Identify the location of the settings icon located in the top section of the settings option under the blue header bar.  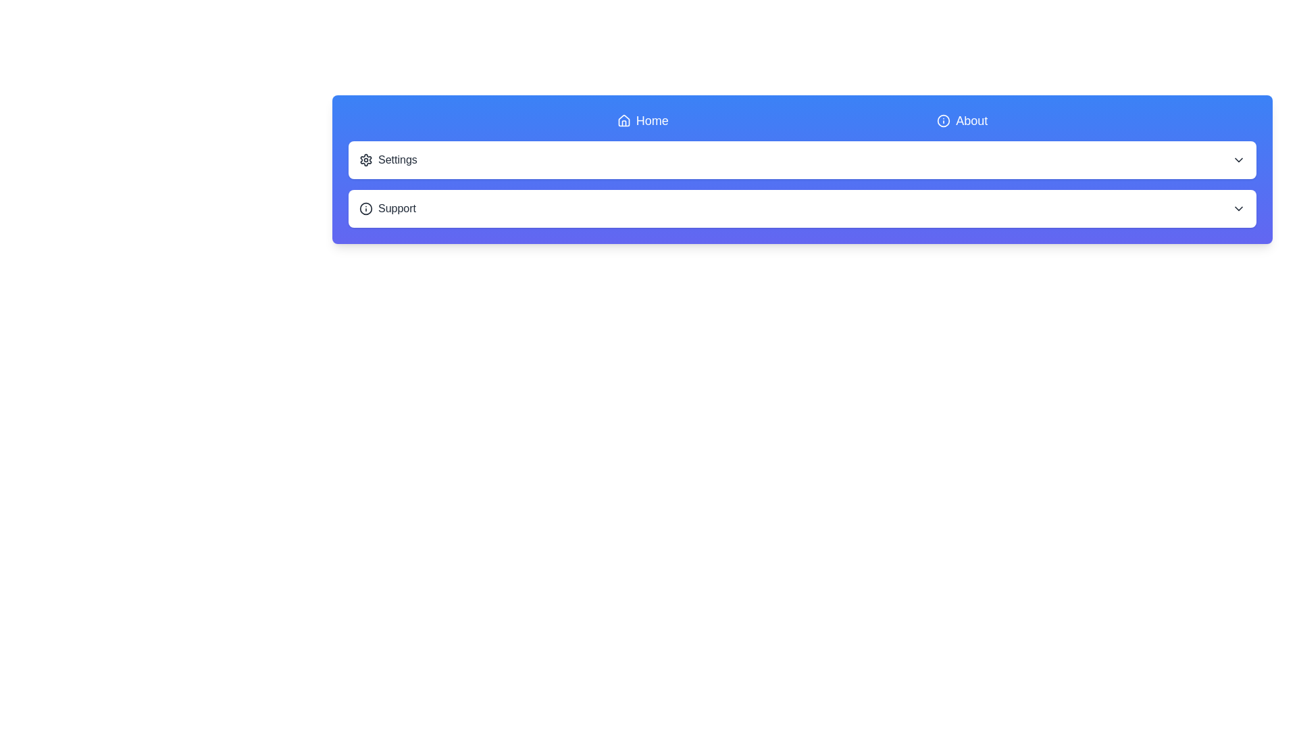
(366, 159).